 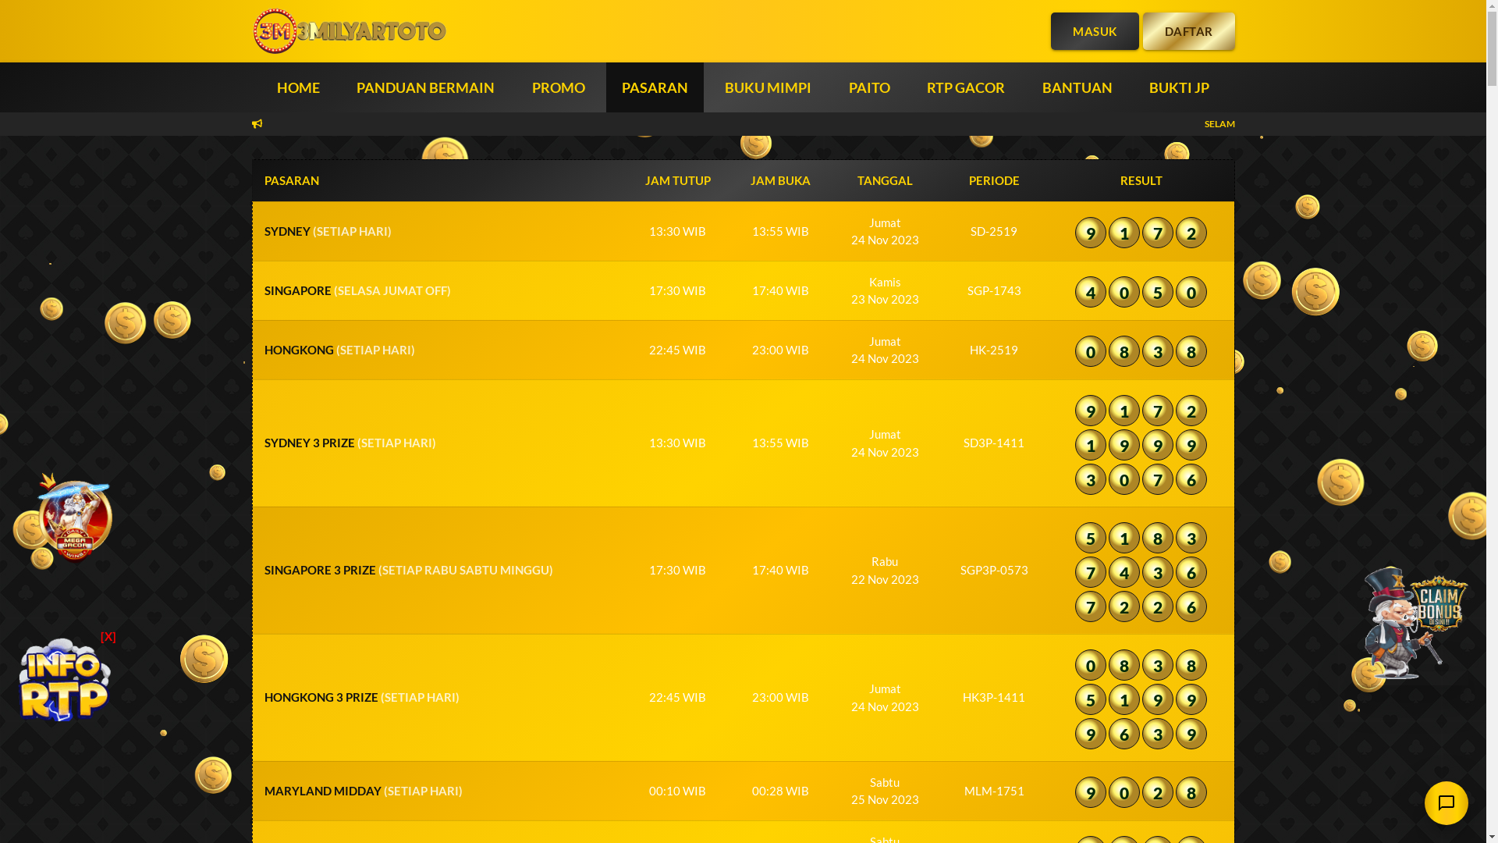 What do you see at coordinates (326, 231) in the screenshot?
I see `'SYDNEY (SETIAP HARI)'` at bounding box center [326, 231].